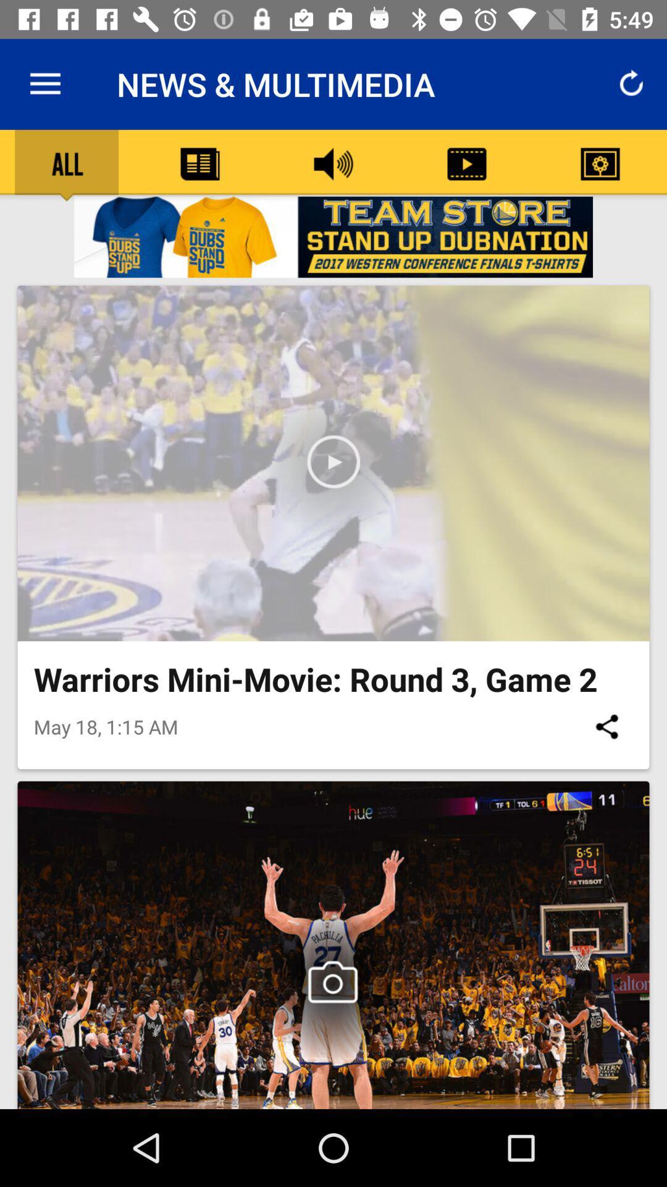 This screenshot has width=667, height=1187. What do you see at coordinates (606, 726) in the screenshot?
I see `the item next to may 18 1` at bounding box center [606, 726].